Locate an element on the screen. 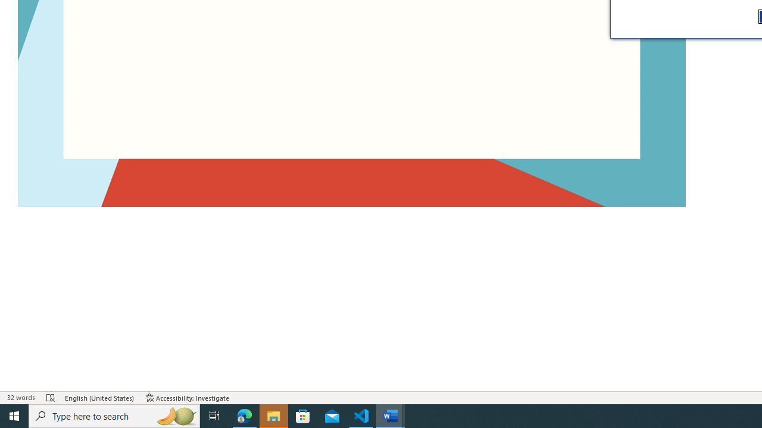 This screenshot has width=762, height=428. 'Word Count 32 words' is located at coordinates (21, 398).